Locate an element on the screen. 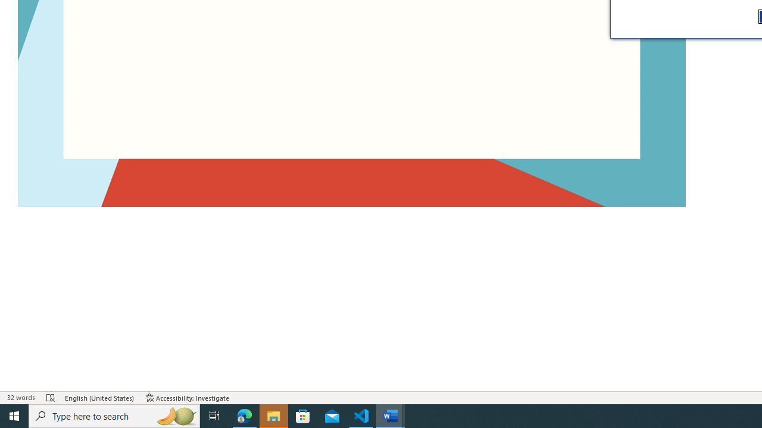 This screenshot has width=762, height=428. 'Word Count 32 words' is located at coordinates (21, 398).